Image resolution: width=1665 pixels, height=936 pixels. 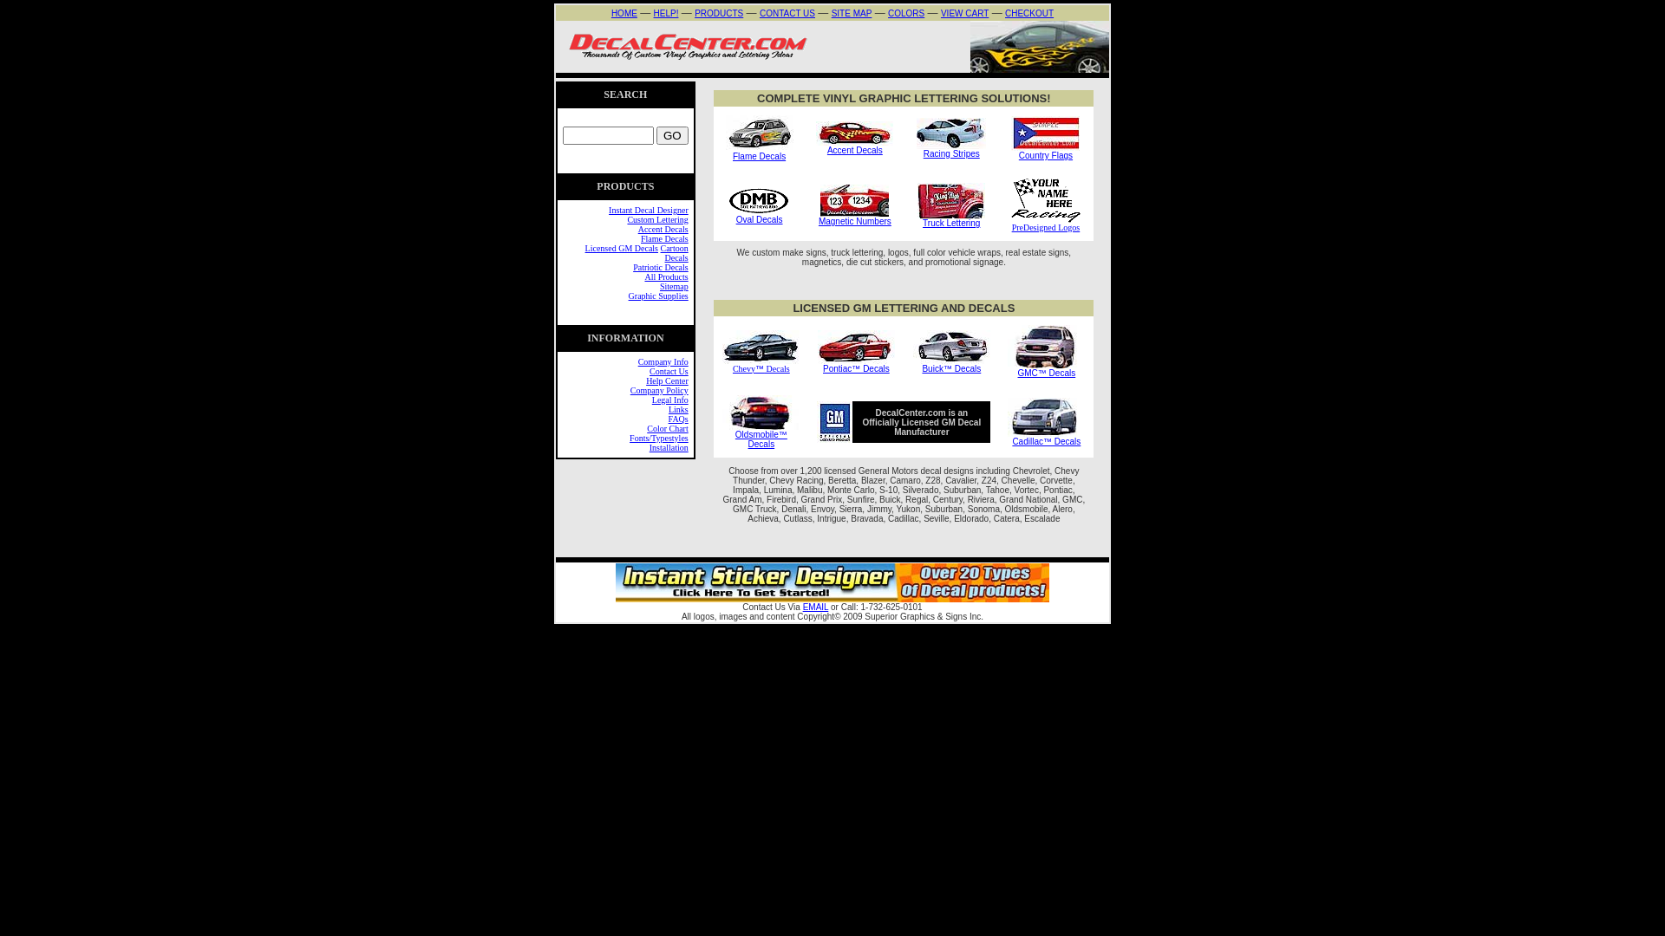 What do you see at coordinates (905, 13) in the screenshot?
I see `'COLORS'` at bounding box center [905, 13].